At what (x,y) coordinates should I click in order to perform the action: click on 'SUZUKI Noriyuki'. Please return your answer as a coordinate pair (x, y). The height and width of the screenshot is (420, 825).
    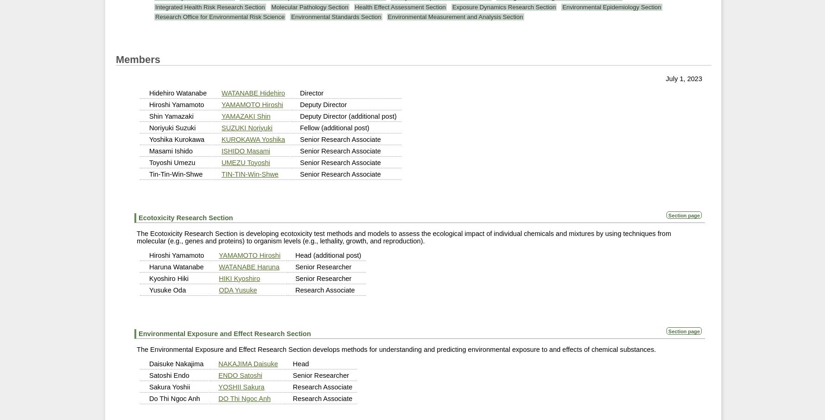
    Looking at the image, I should click on (246, 127).